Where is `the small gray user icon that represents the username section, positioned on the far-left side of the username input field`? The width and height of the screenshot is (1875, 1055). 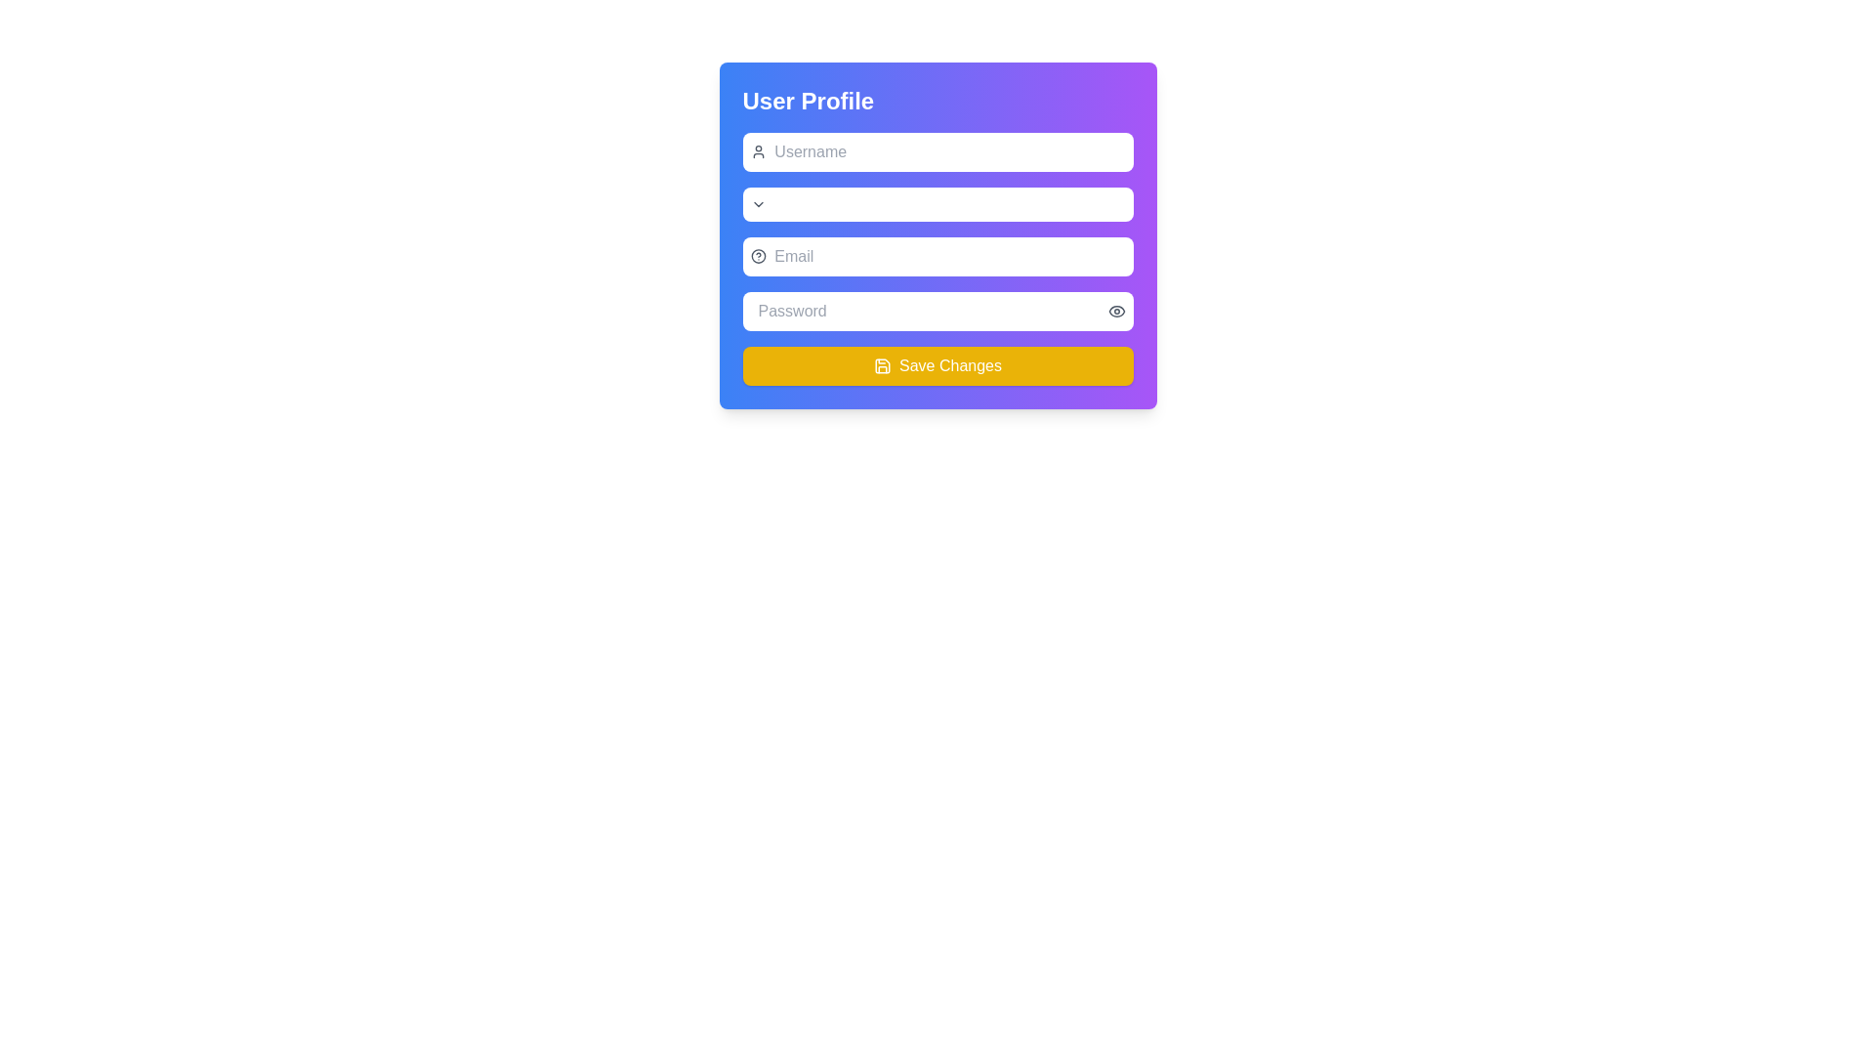 the small gray user icon that represents the username section, positioned on the far-left side of the username input field is located at coordinates (757, 150).